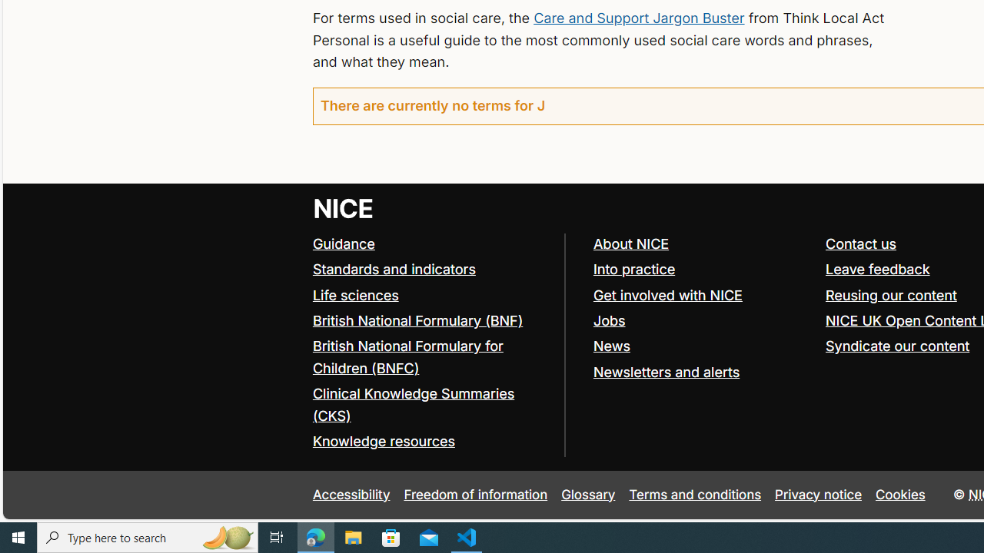 The height and width of the screenshot is (553, 984). What do you see at coordinates (900, 495) in the screenshot?
I see `'Cookies'` at bounding box center [900, 495].